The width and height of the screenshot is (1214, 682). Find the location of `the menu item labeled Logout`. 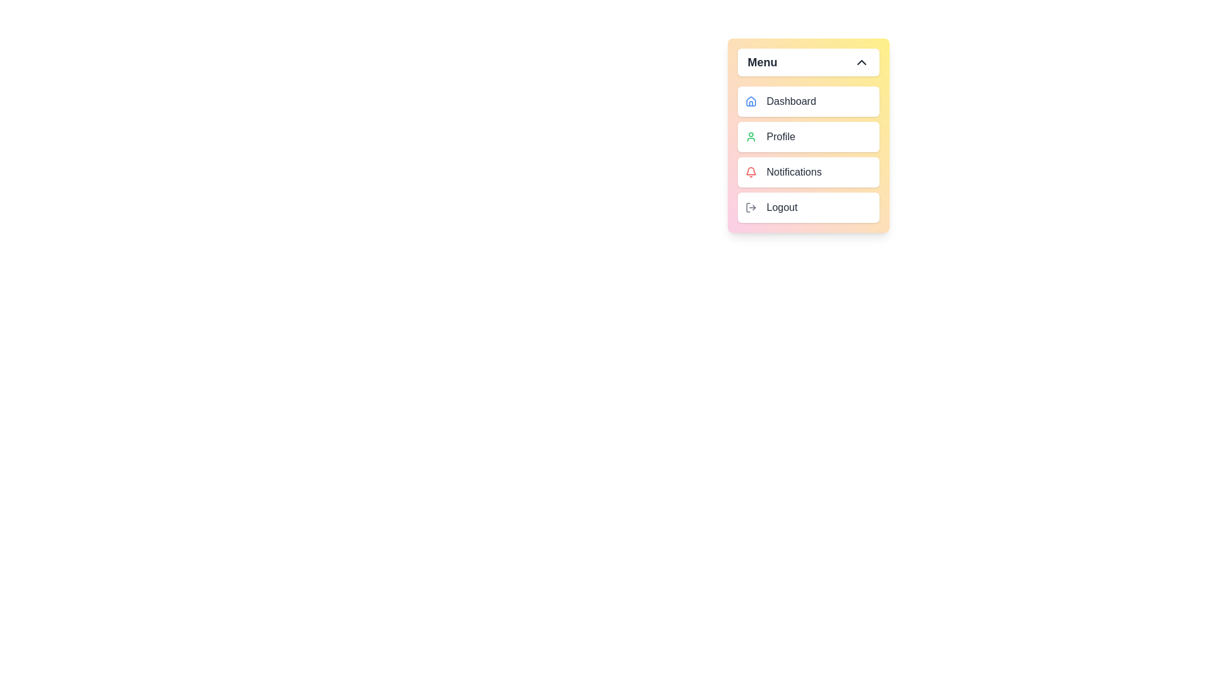

the menu item labeled Logout is located at coordinates (807, 206).